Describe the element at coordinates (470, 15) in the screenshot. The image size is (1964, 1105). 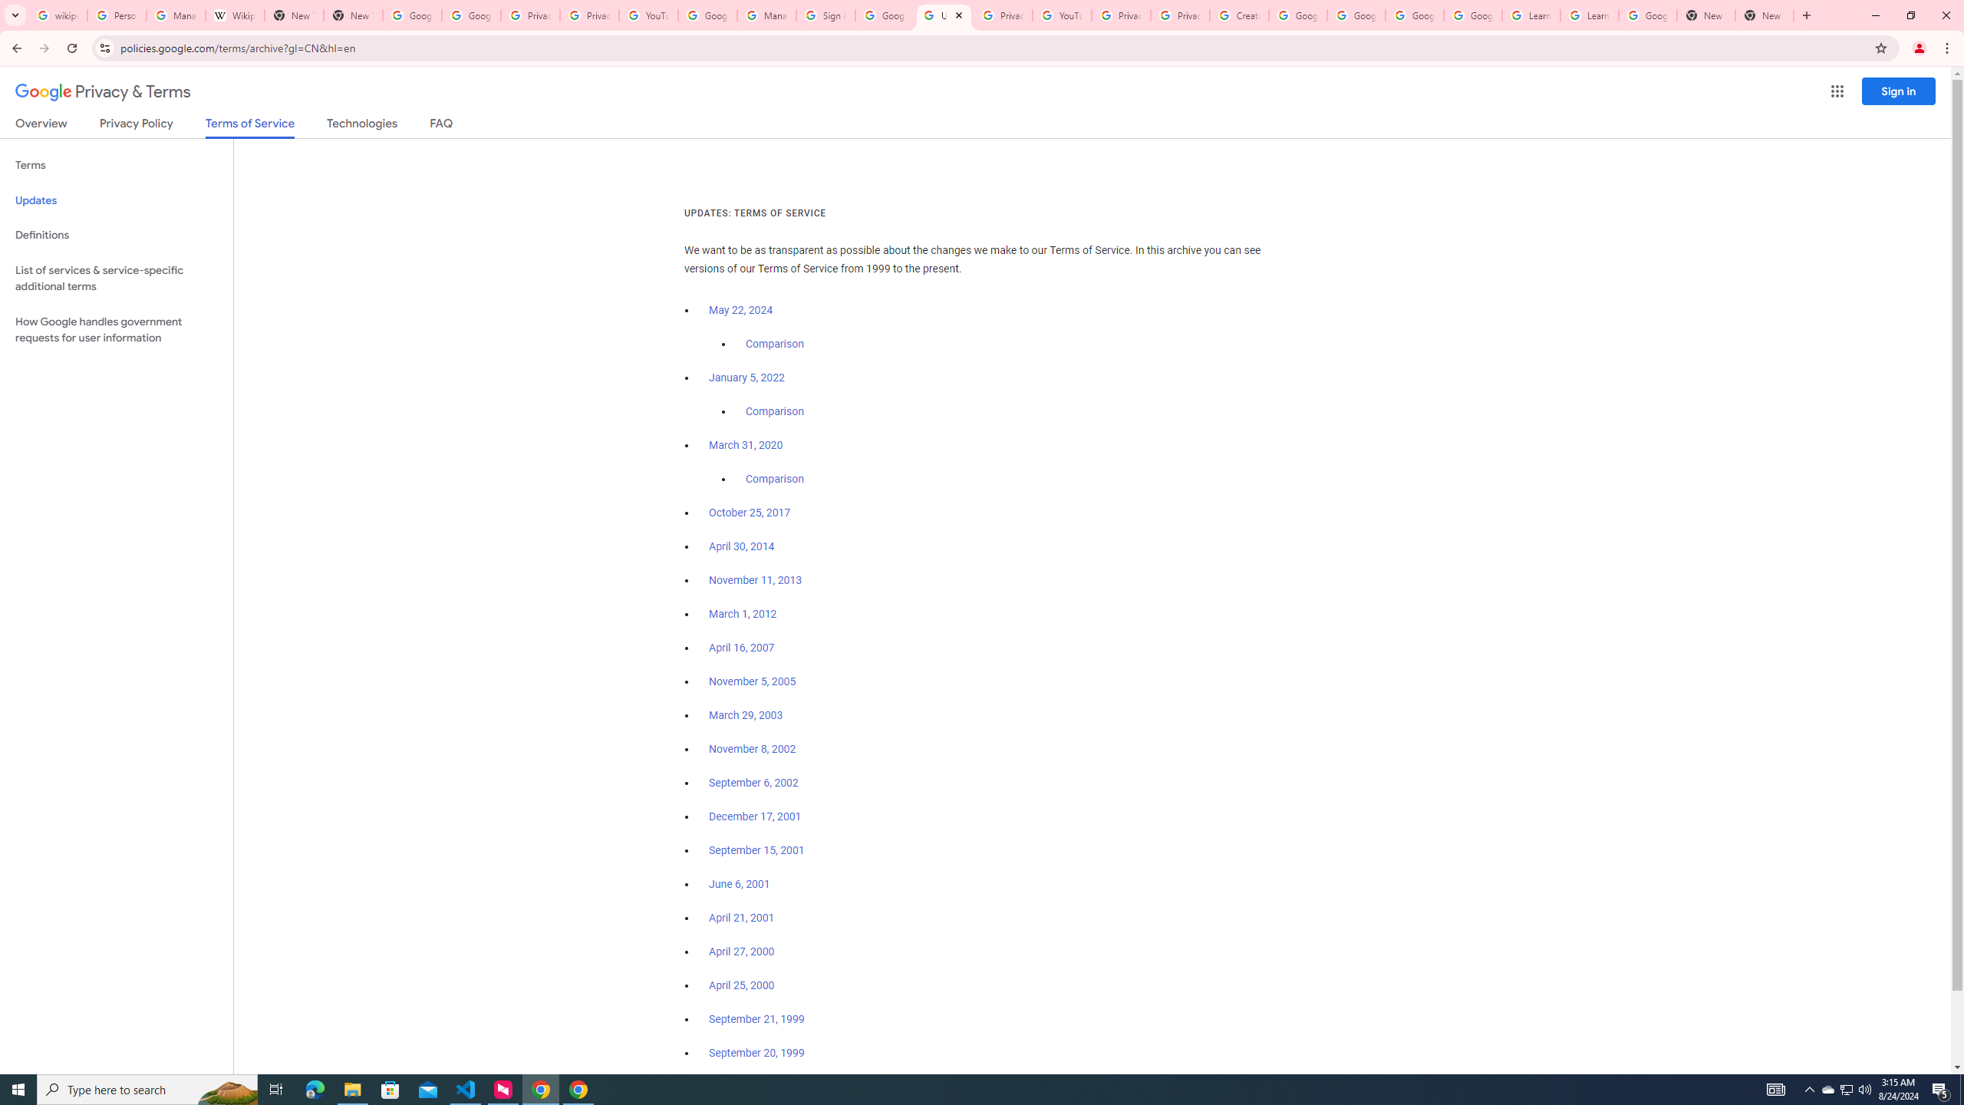
I see `'Google Drive: Sign-in'` at that location.